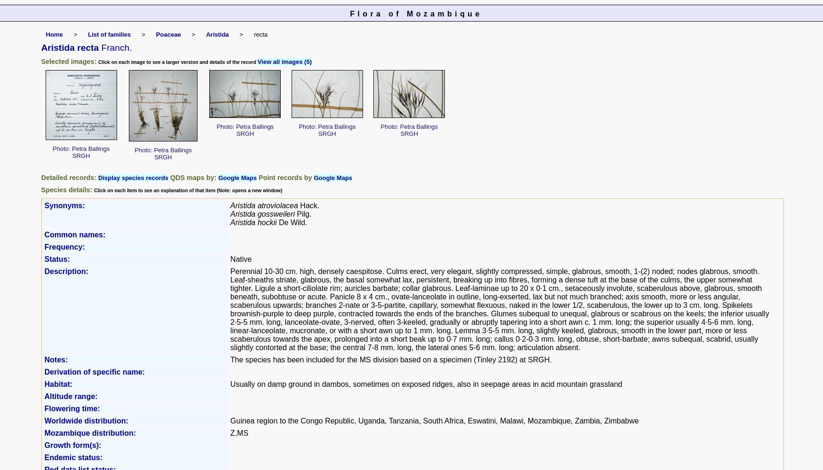 Image resolution: width=823 pixels, height=470 pixels. Describe the element at coordinates (155, 34) in the screenshot. I see `'Poaceae'` at that location.